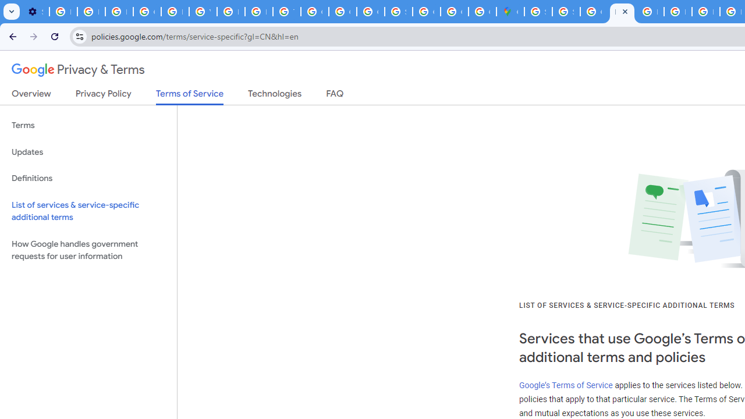  I want to click on 'Privacy Help Center - Policies Help', so click(705, 12).